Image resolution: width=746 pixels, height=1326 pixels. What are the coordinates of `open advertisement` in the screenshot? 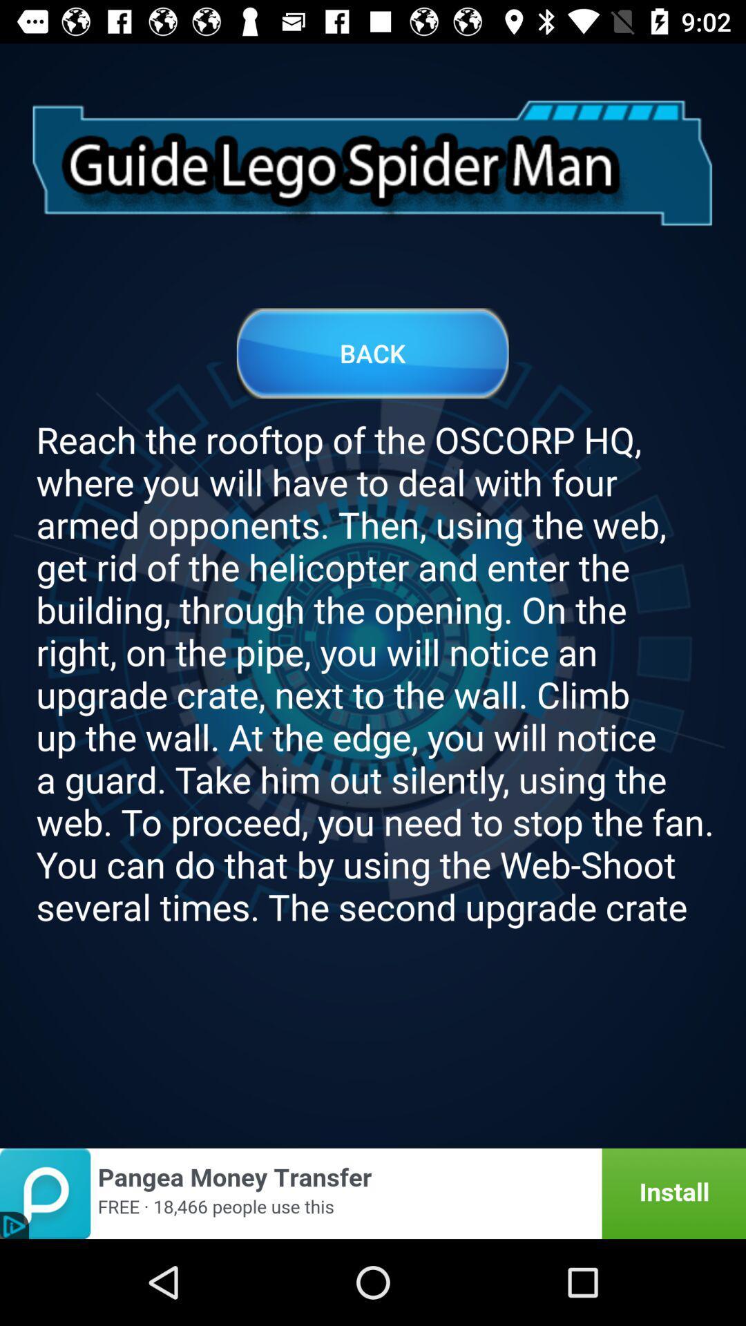 It's located at (373, 1193).